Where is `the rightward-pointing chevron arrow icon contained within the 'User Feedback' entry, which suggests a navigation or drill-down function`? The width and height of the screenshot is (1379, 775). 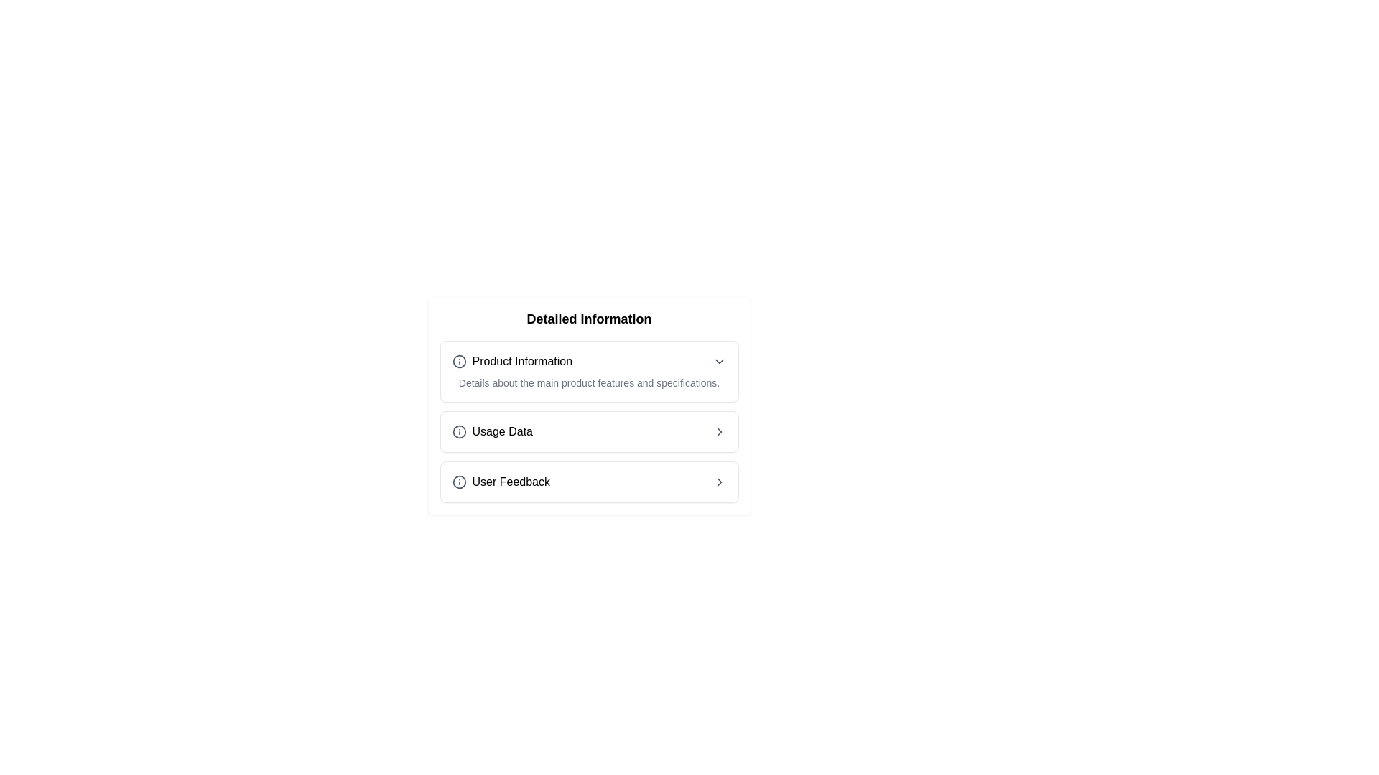
the rightward-pointing chevron arrow icon contained within the 'User Feedback' entry, which suggests a navigation or drill-down function is located at coordinates (719, 431).